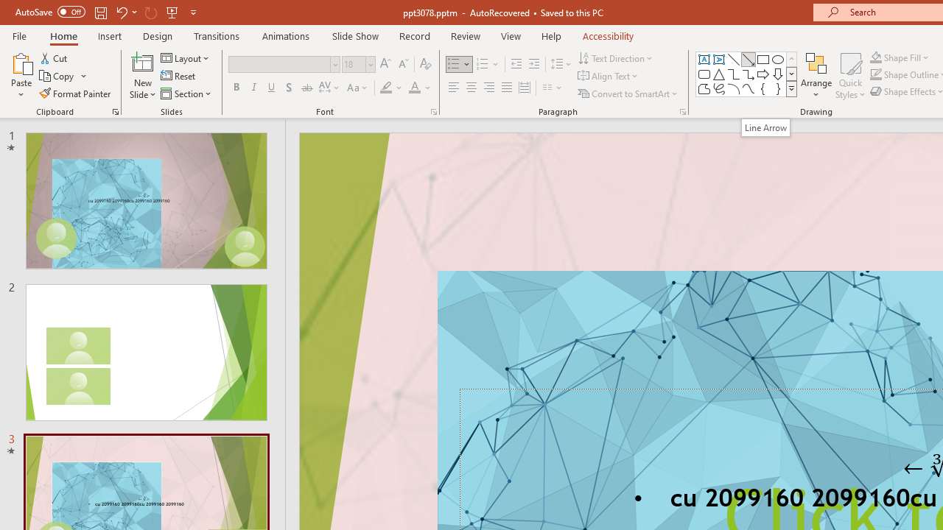 Image resolution: width=943 pixels, height=530 pixels. What do you see at coordinates (432, 110) in the screenshot?
I see `'Font...'` at bounding box center [432, 110].